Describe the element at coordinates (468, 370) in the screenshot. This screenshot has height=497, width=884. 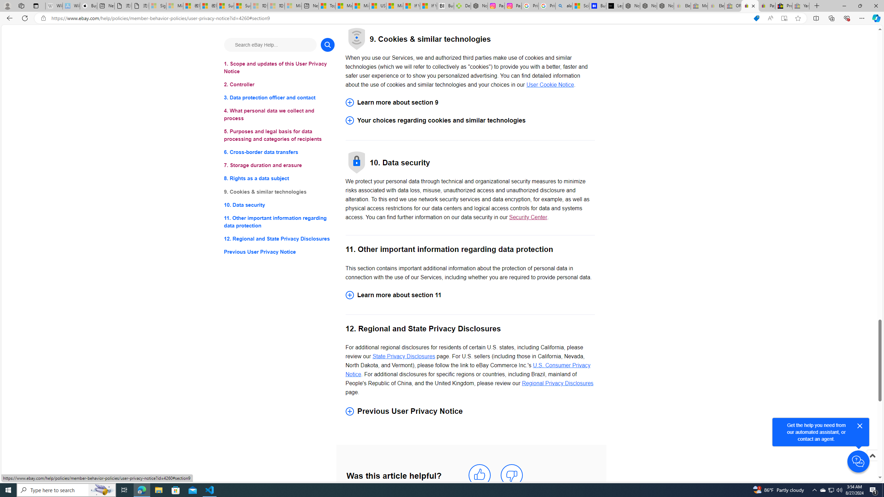
I see `'U.S. Consumer Privacy Notice - opens in new window or tab'` at that location.